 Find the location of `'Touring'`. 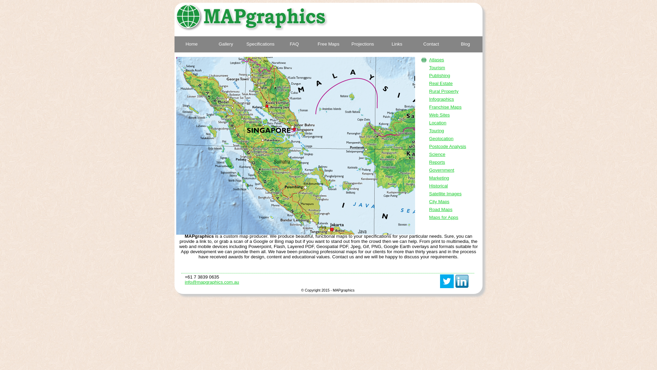

'Touring' is located at coordinates (436, 131).